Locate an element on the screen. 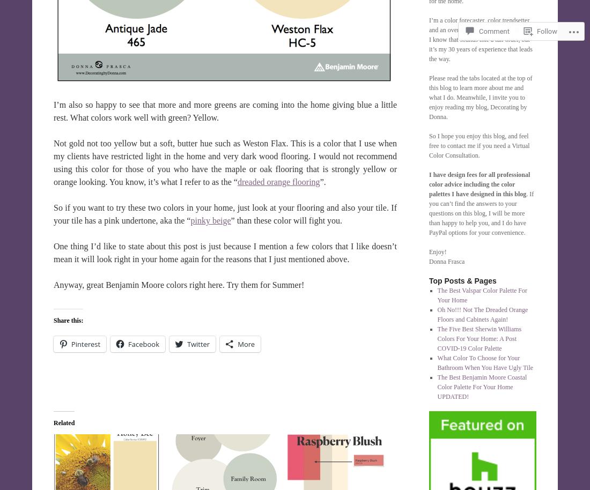  'The Five Best Sherwin Williams Colors For Your Home: A Post COVID-19 Color Palette' is located at coordinates (478, 338).